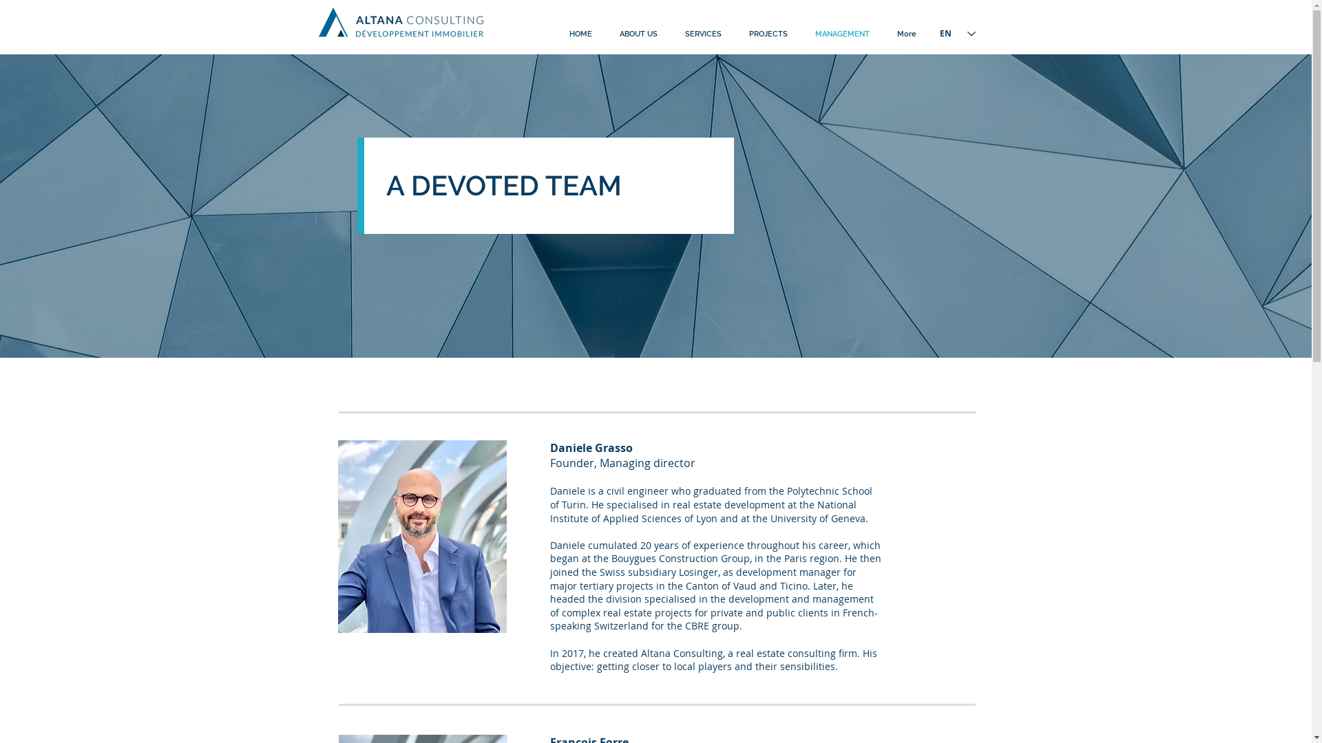 This screenshot has height=743, width=1322. What do you see at coordinates (605, 34) in the screenshot?
I see `'ABOUT US'` at bounding box center [605, 34].